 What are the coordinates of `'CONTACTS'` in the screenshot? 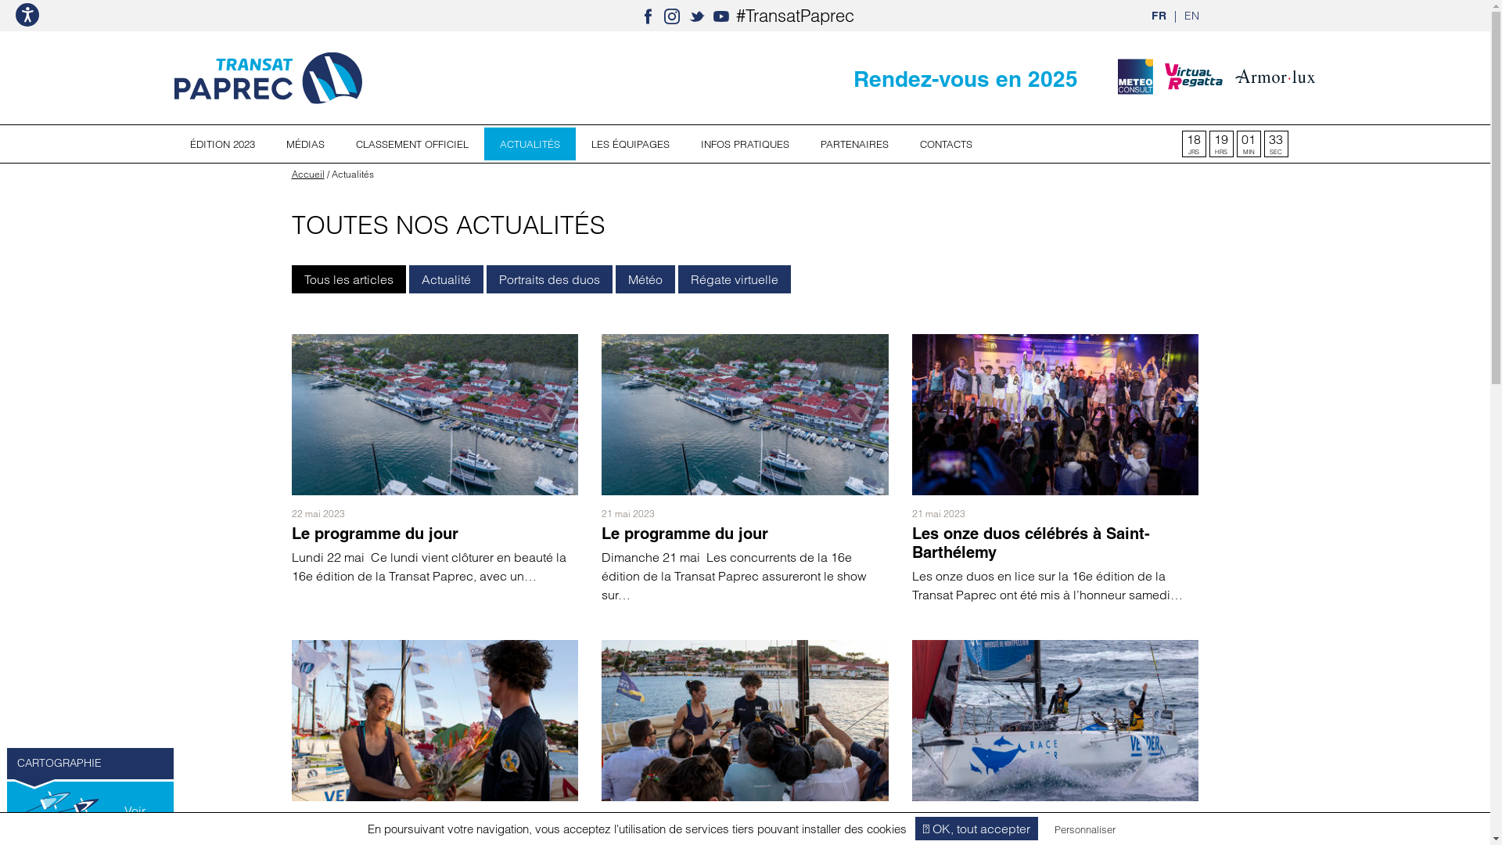 It's located at (945, 144).